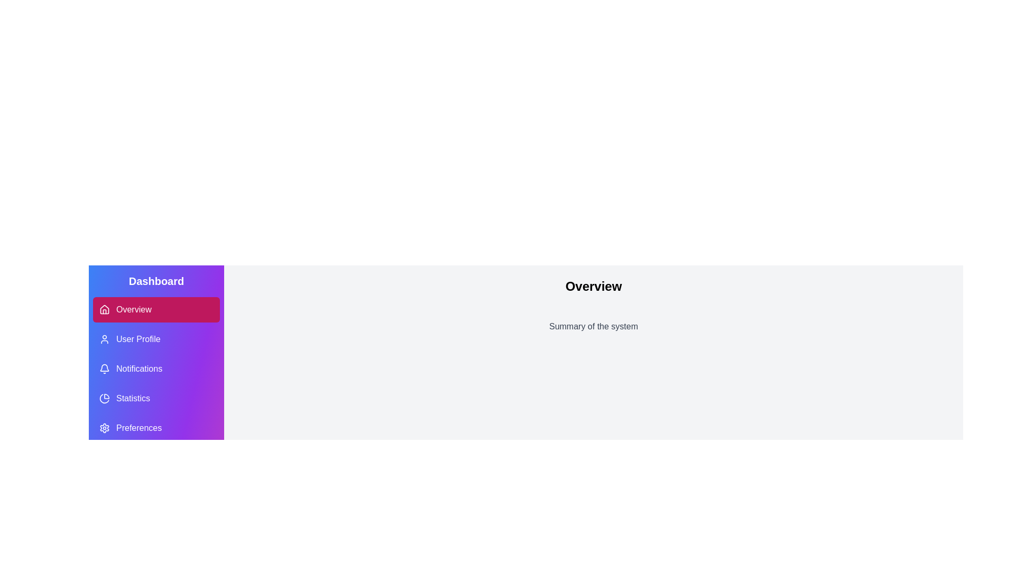 The width and height of the screenshot is (1015, 571). Describe the element at coordinates (104, 398) in the screenshot. I see `the pie chart icon in the navigation sidebar under the 'Dashboard' section, which is associated with the 'Statistics' menu option` at that location.